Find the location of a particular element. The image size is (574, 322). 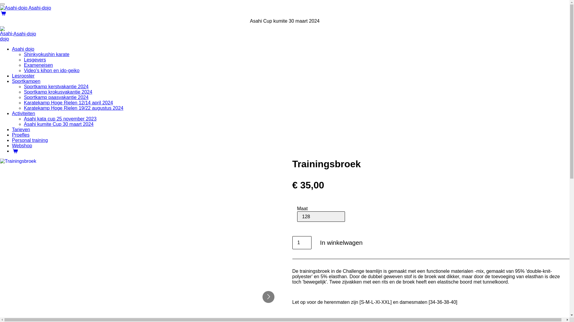

'Proefles' is located at coordinates (12, 135).